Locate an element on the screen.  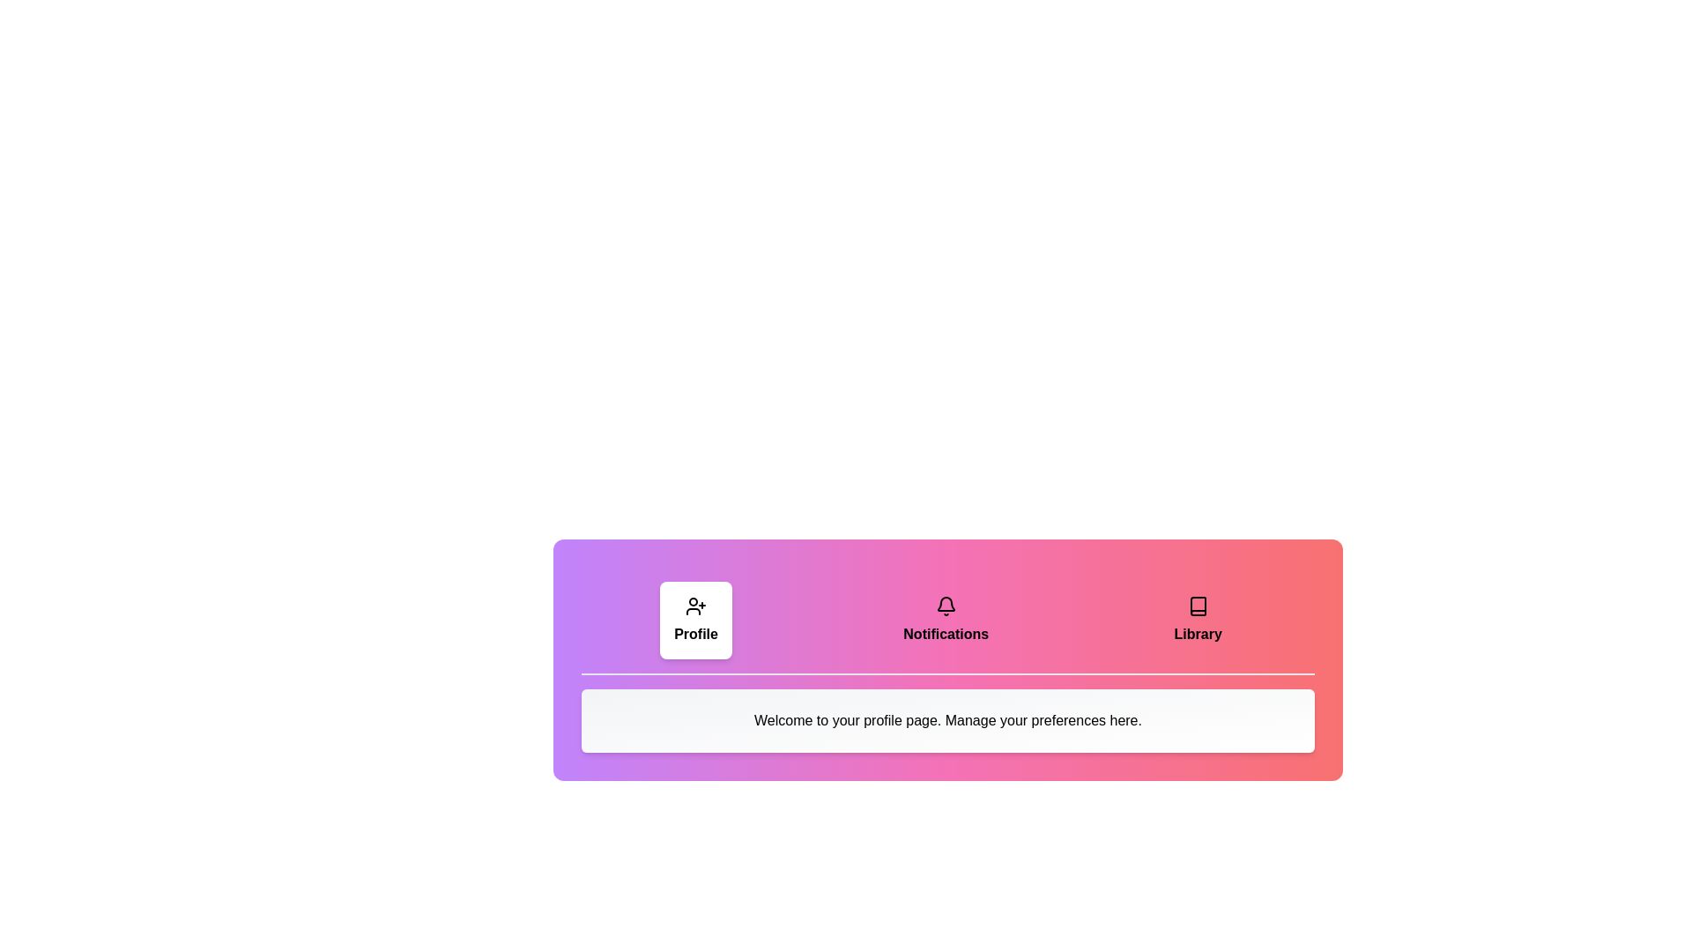
the tab labeled Notifications to observe the scaling effect is located at coordinates (946, 620).